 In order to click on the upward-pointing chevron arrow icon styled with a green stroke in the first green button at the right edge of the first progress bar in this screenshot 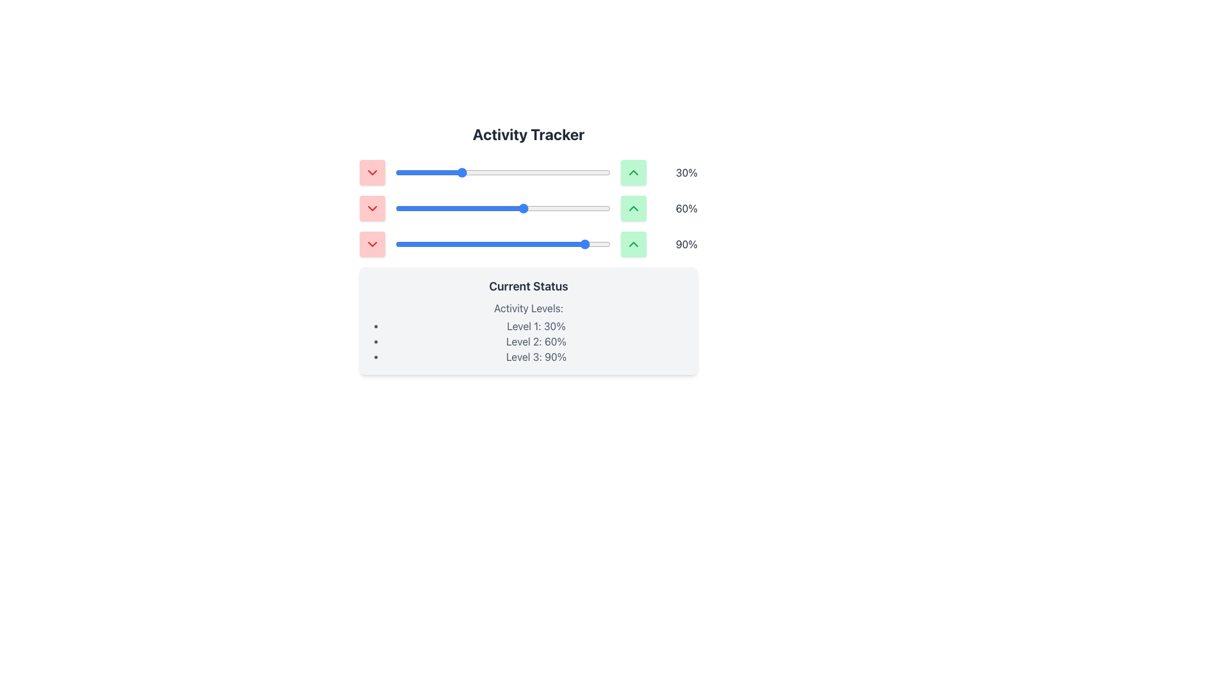, I will do `click(633, 173)`.